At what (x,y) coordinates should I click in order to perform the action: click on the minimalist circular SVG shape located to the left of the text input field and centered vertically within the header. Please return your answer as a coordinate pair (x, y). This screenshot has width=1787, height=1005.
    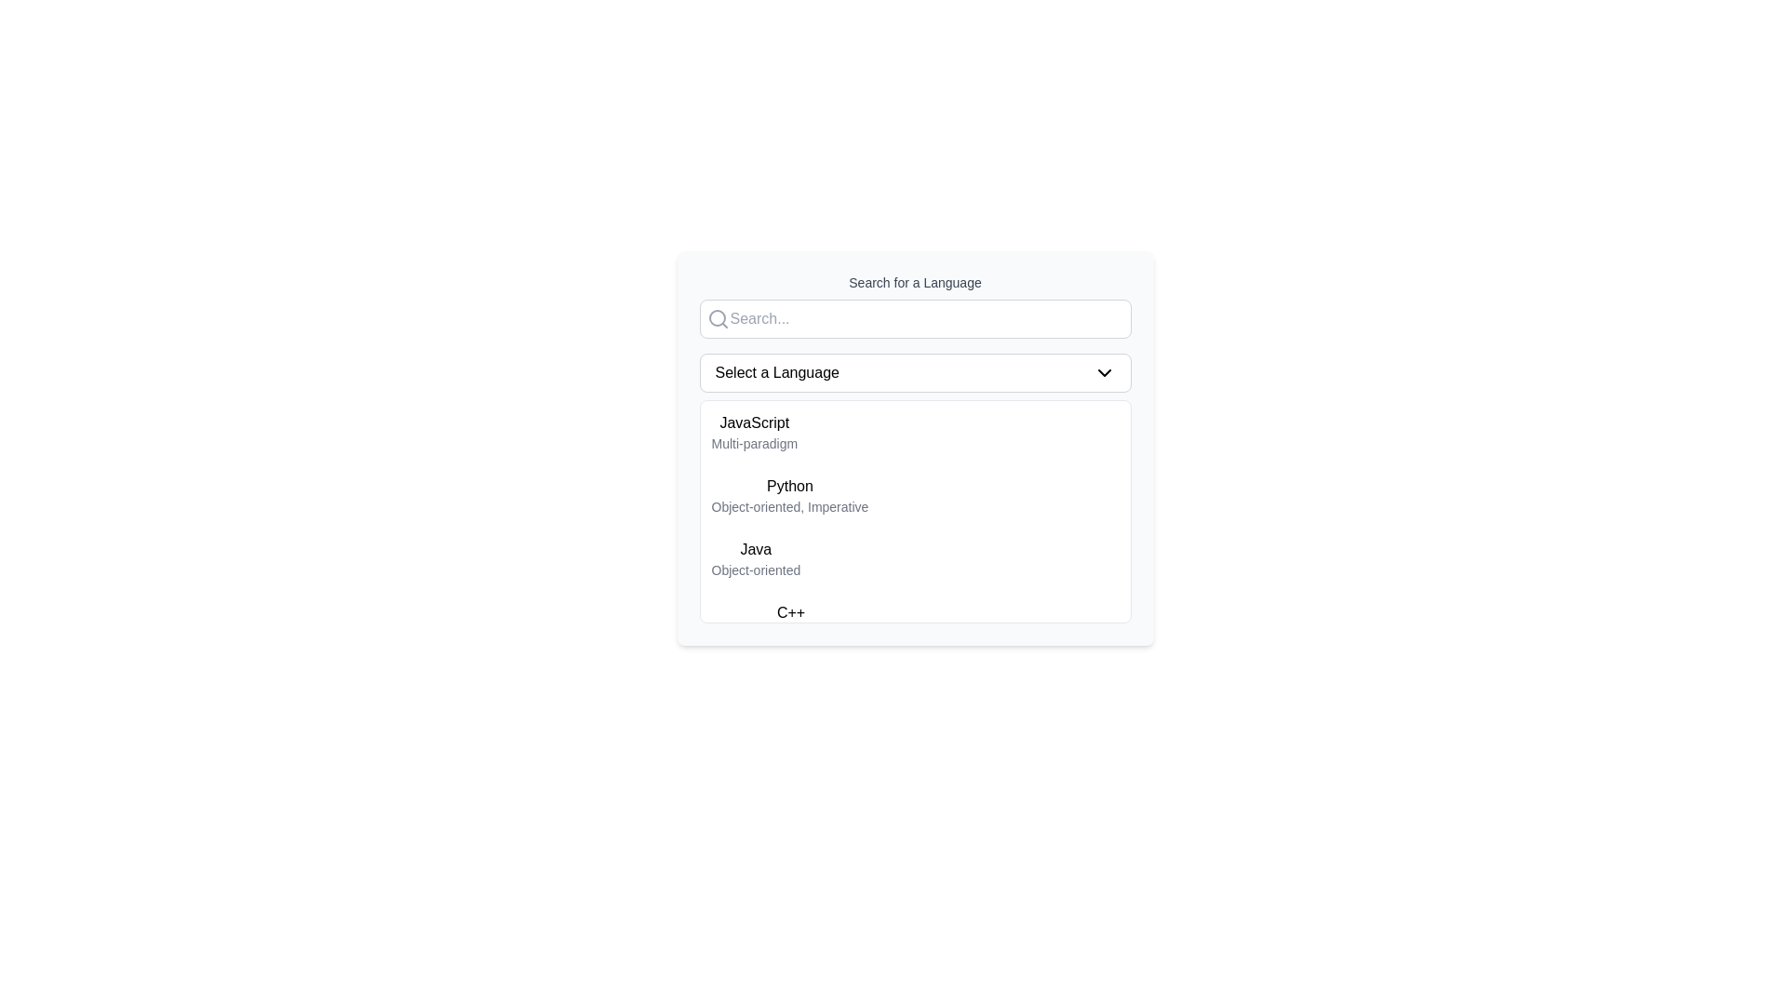
    Looking at the image, I should click on (716, 317).